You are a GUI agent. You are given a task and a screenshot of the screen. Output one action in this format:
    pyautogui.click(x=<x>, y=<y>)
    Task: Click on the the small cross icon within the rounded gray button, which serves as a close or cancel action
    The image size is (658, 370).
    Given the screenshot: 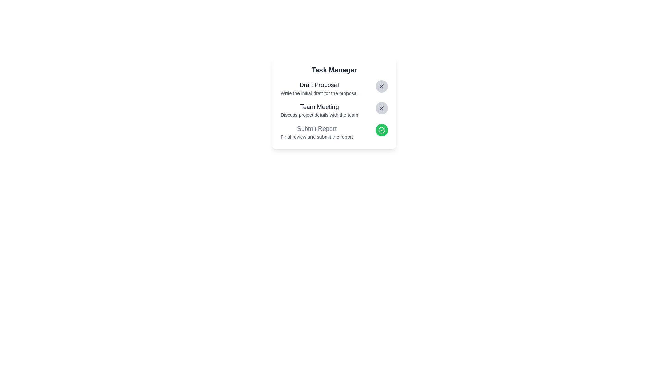 What is the action you would take?
    pyautogui.click(x=381, y=86)
    